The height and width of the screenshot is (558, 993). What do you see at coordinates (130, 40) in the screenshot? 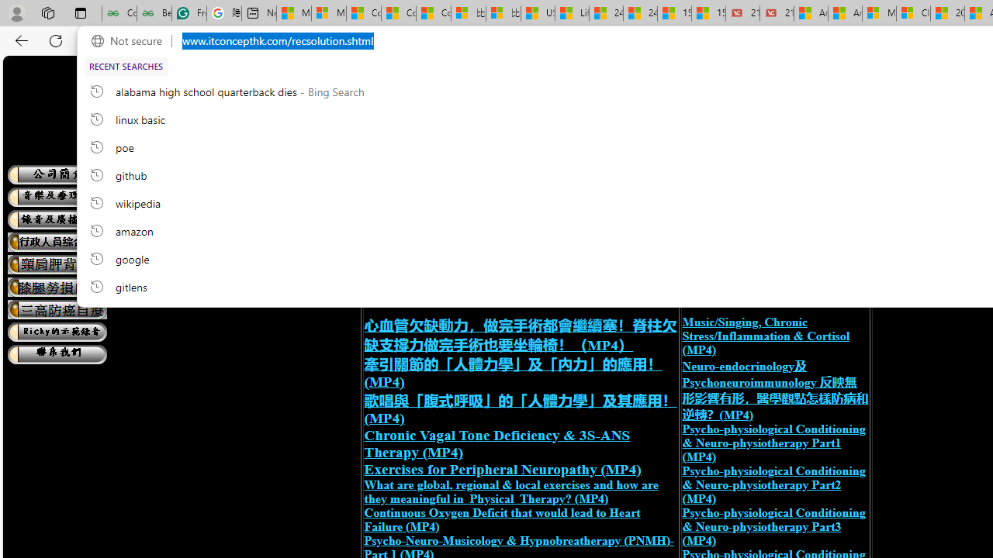
I see `'Not secure'` at bounding box center [130, 40].